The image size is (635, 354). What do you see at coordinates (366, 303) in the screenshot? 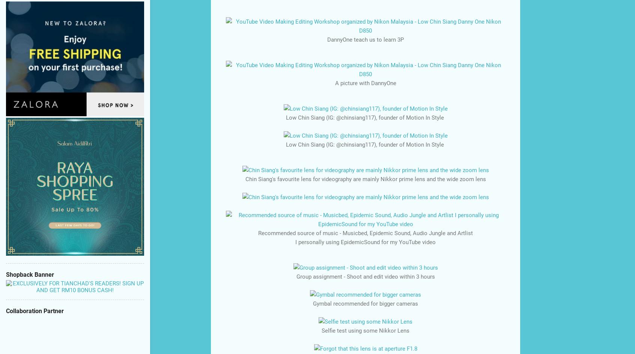
I see `'Gymbal recommended for bigger cameras'` at bounding box center [366, 303].